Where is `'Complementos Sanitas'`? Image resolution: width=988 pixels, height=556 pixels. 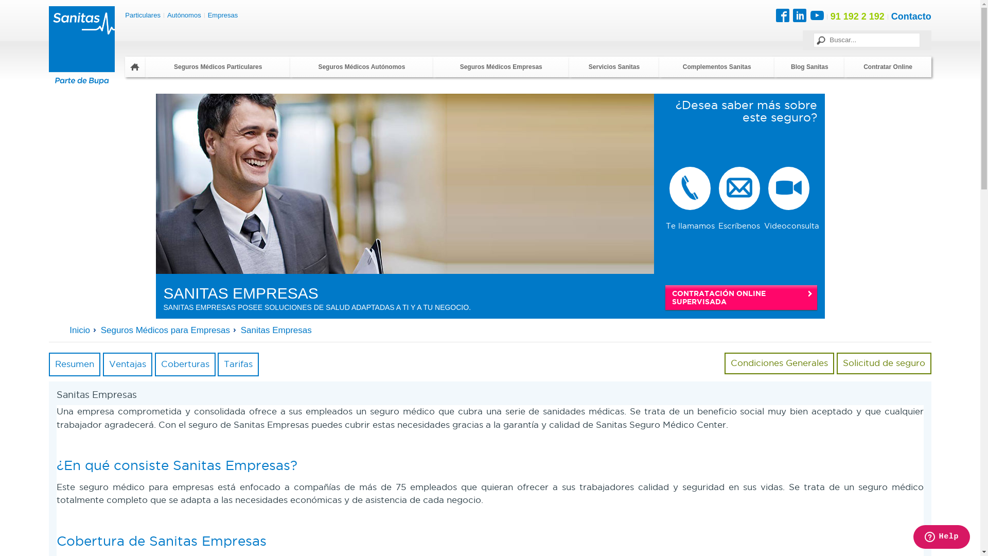
'Complementos Sanitas' is located at coordinates (716, 67).